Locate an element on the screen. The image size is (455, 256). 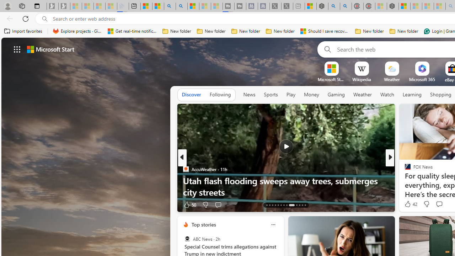
'Watch' is located at coordinates (387, 95).